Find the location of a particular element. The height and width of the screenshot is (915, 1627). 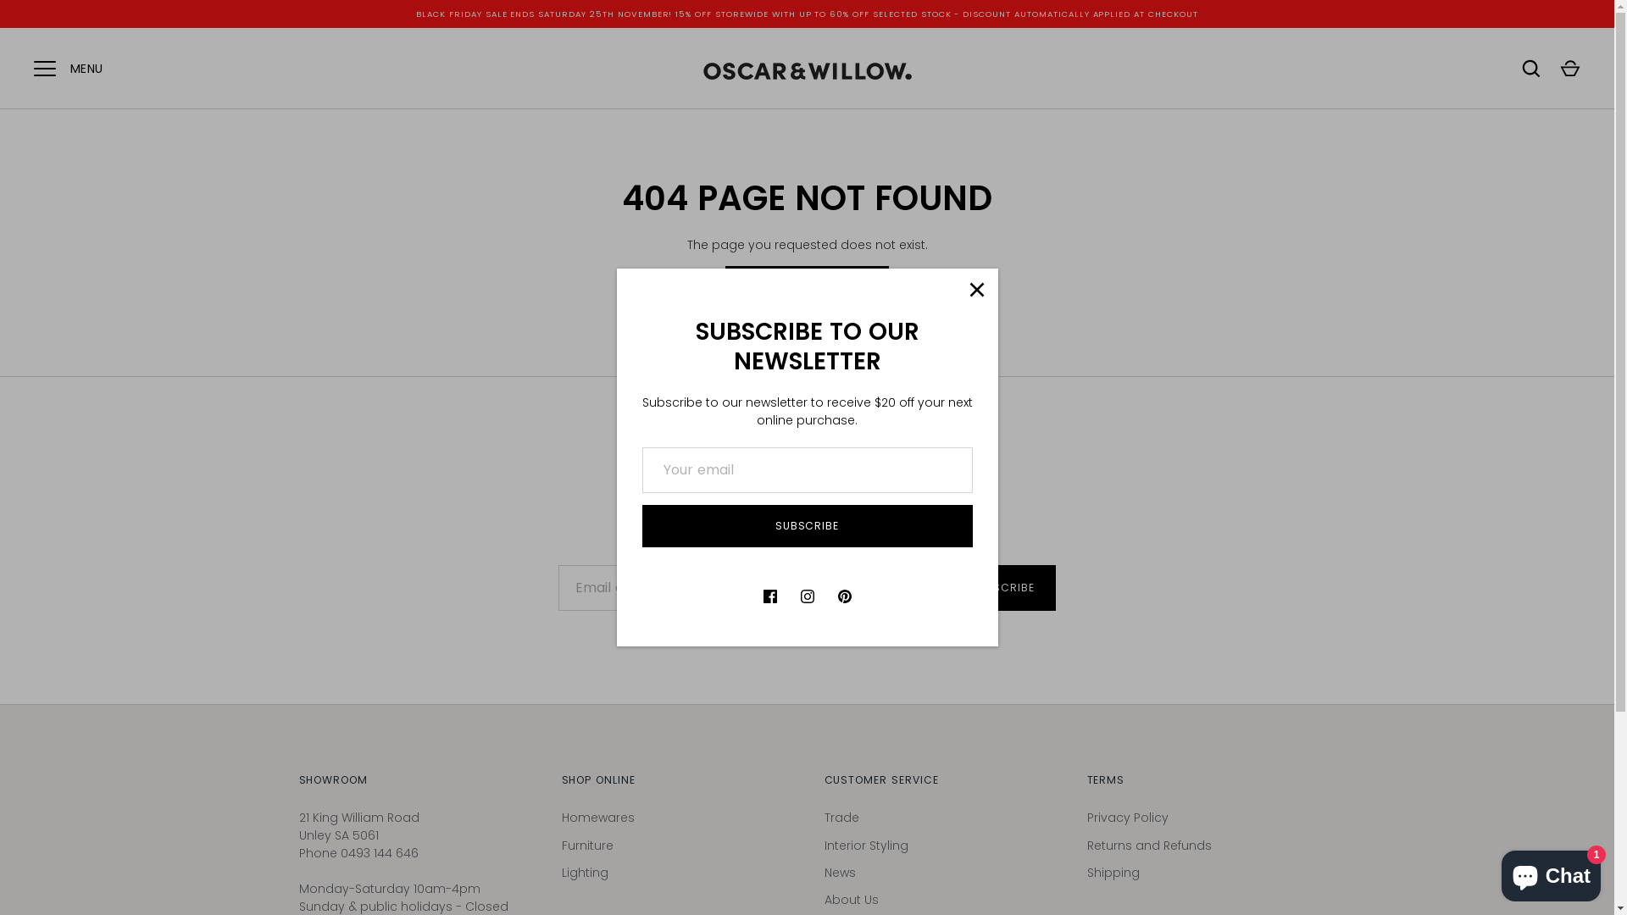

'CONTINUE SHOPPING' is located at coordinates (806, 286).